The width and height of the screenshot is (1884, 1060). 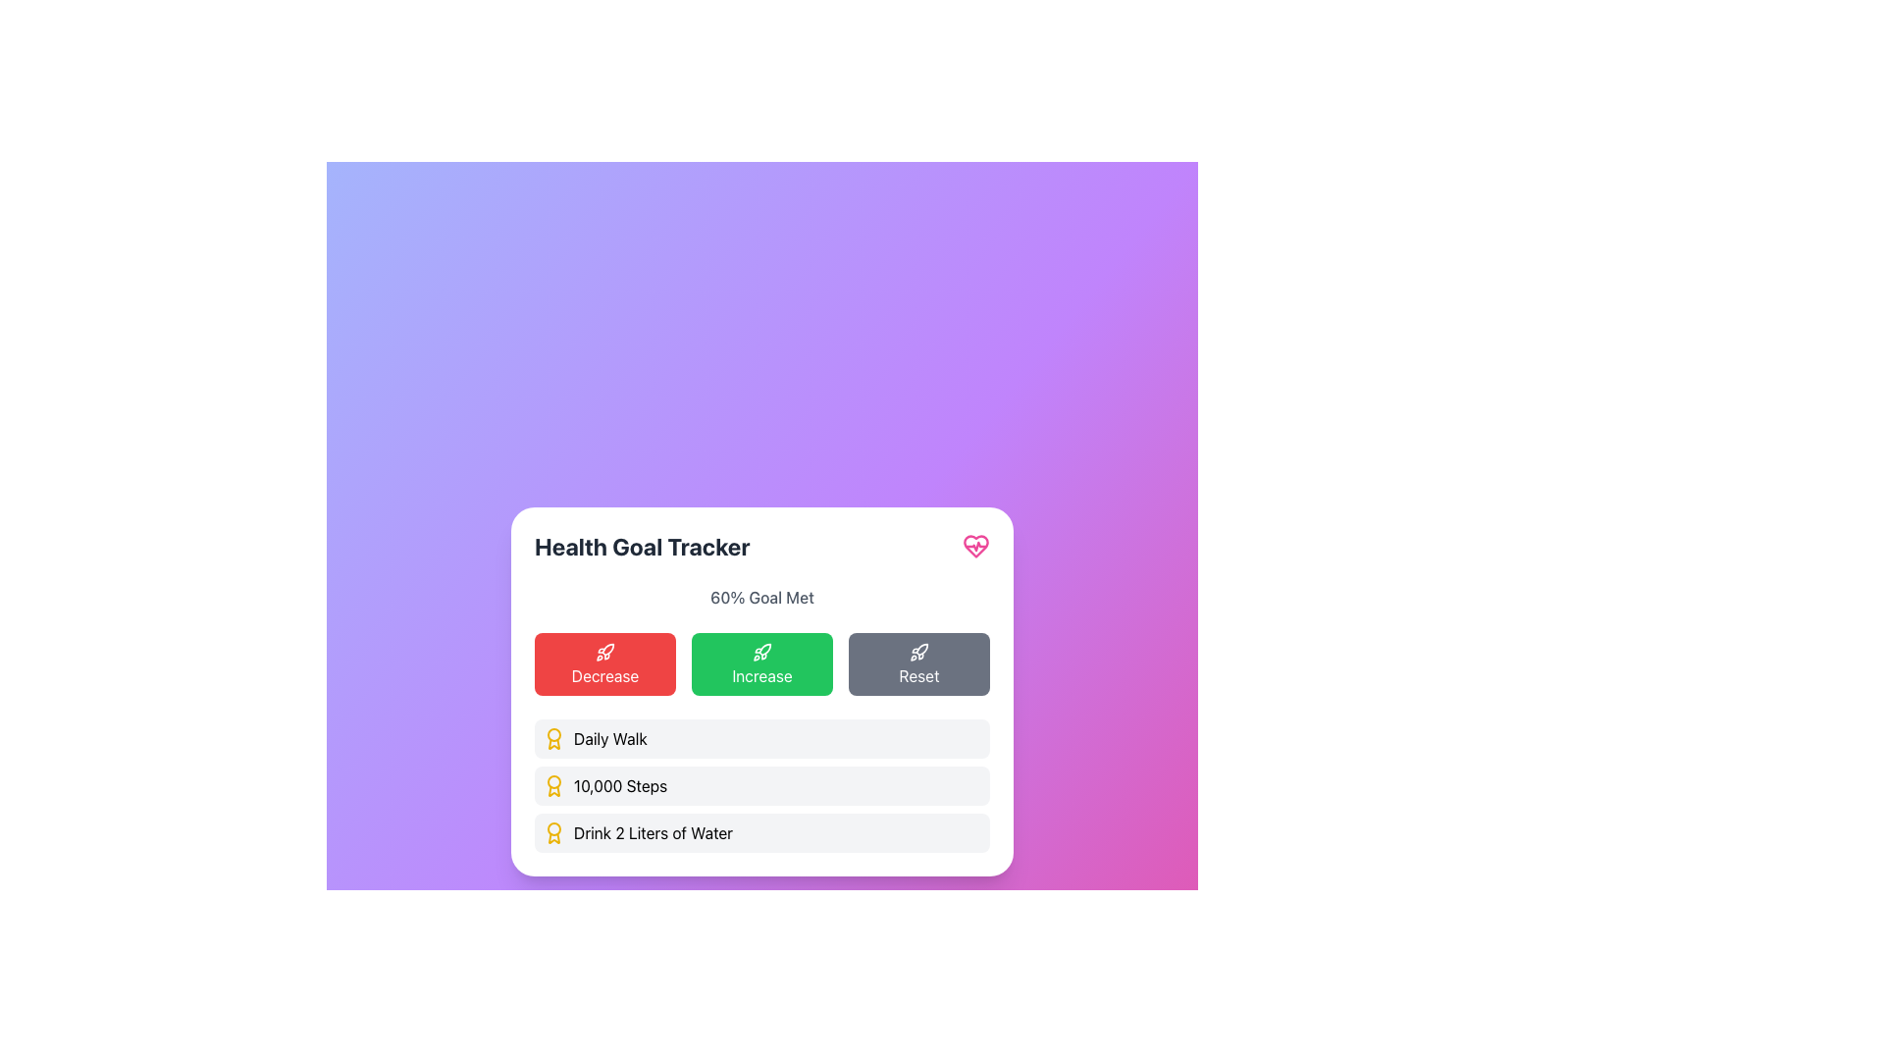 What do you see at coordinates (917, 652) in the screenshot?
I see `the decorative reset icon located inside the 'Reset' button, the last button in a series of three, centered in the upper section of the card layout` at bounding box center [917, 652].